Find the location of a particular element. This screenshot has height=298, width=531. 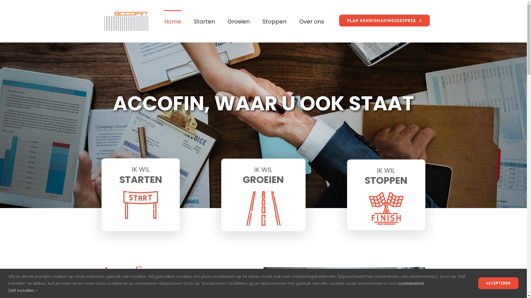

'Starten' is located at coordinates (204, 21).